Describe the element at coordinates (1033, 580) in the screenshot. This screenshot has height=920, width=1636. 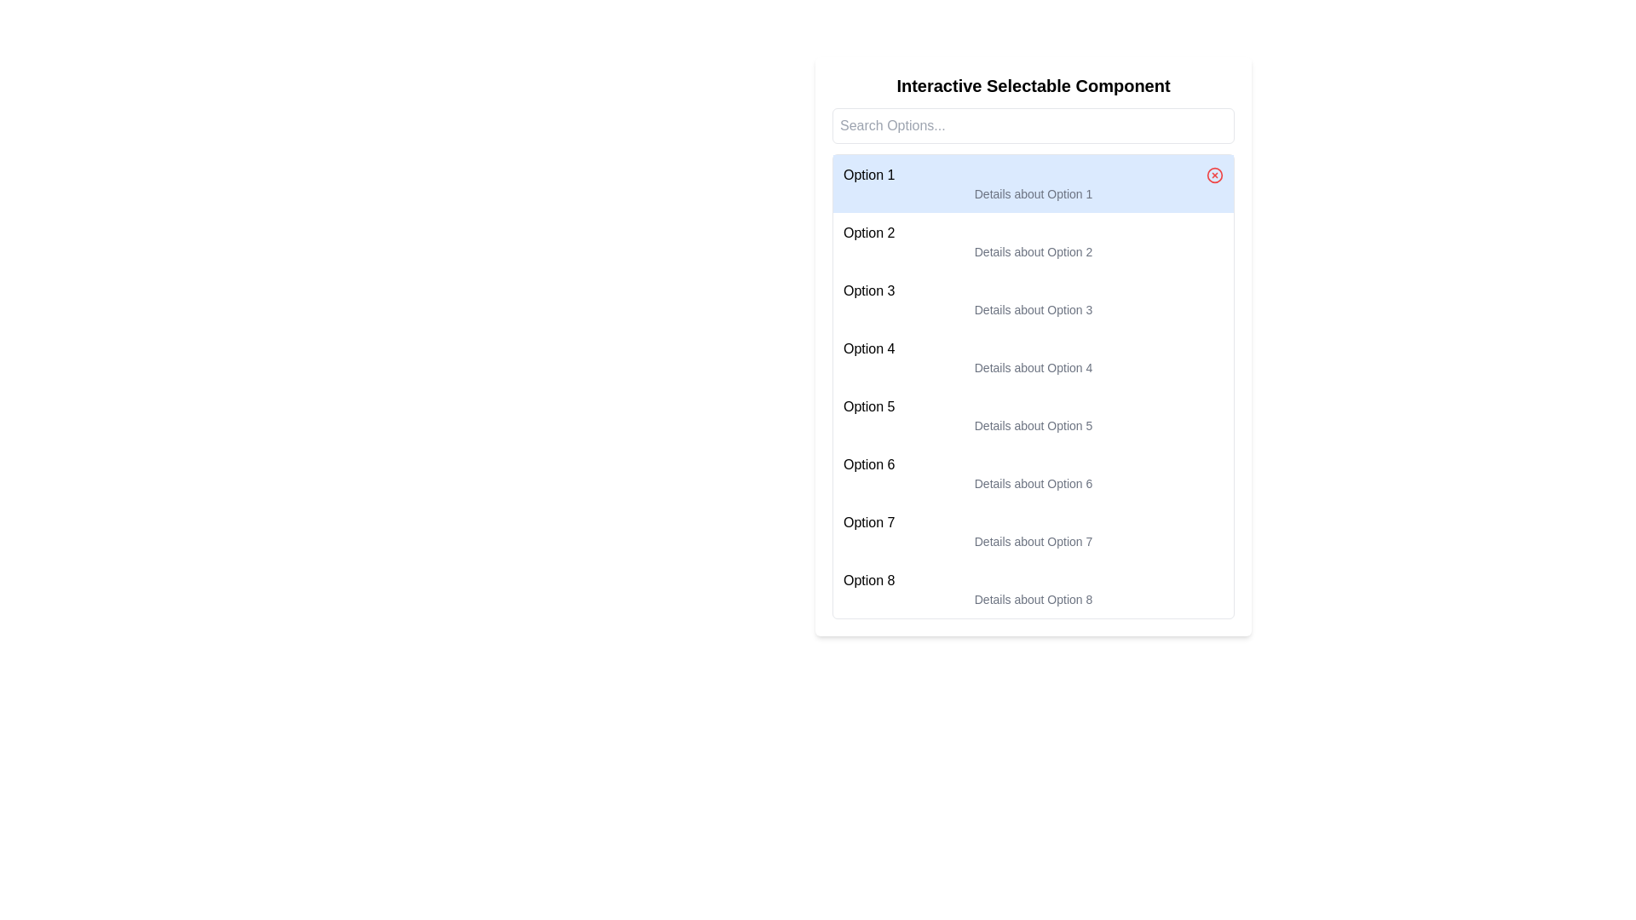
I see `the eighth option in the selectable list by moving the cursor to its text label for navigation purposes` at that location.